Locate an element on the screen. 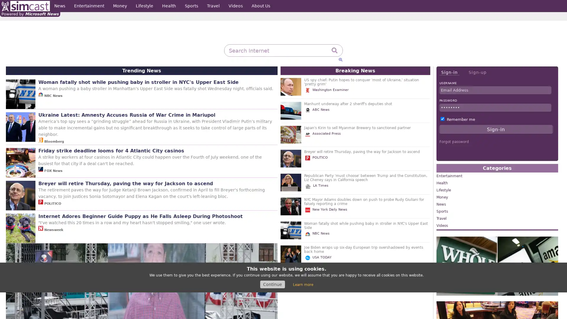 The image size is (567, 319). Continue is located at coordinates (272, 284).